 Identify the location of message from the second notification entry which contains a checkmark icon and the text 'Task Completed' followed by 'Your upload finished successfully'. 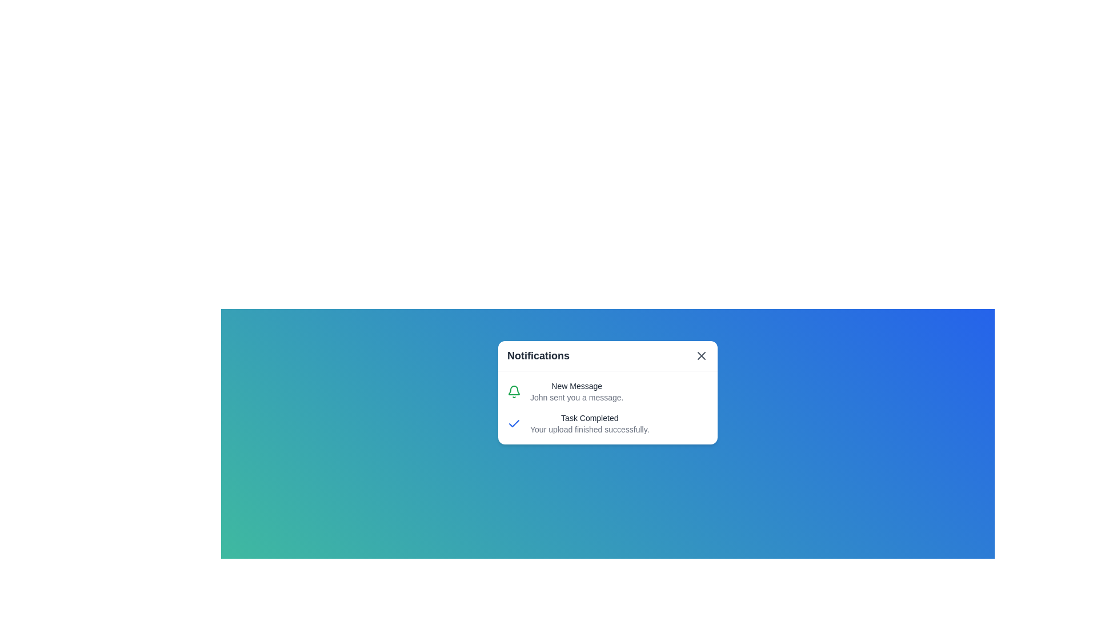
(607, 423).